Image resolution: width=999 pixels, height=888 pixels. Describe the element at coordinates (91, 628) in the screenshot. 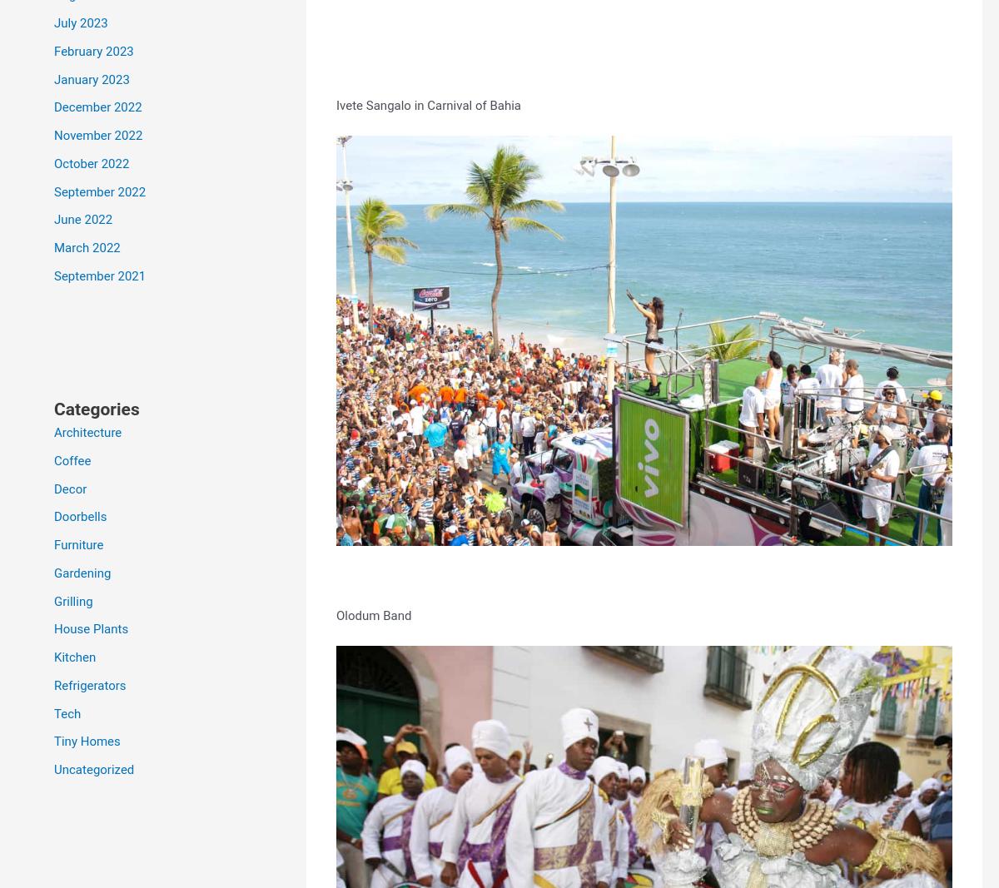

I see `'House Plants'` at that location.